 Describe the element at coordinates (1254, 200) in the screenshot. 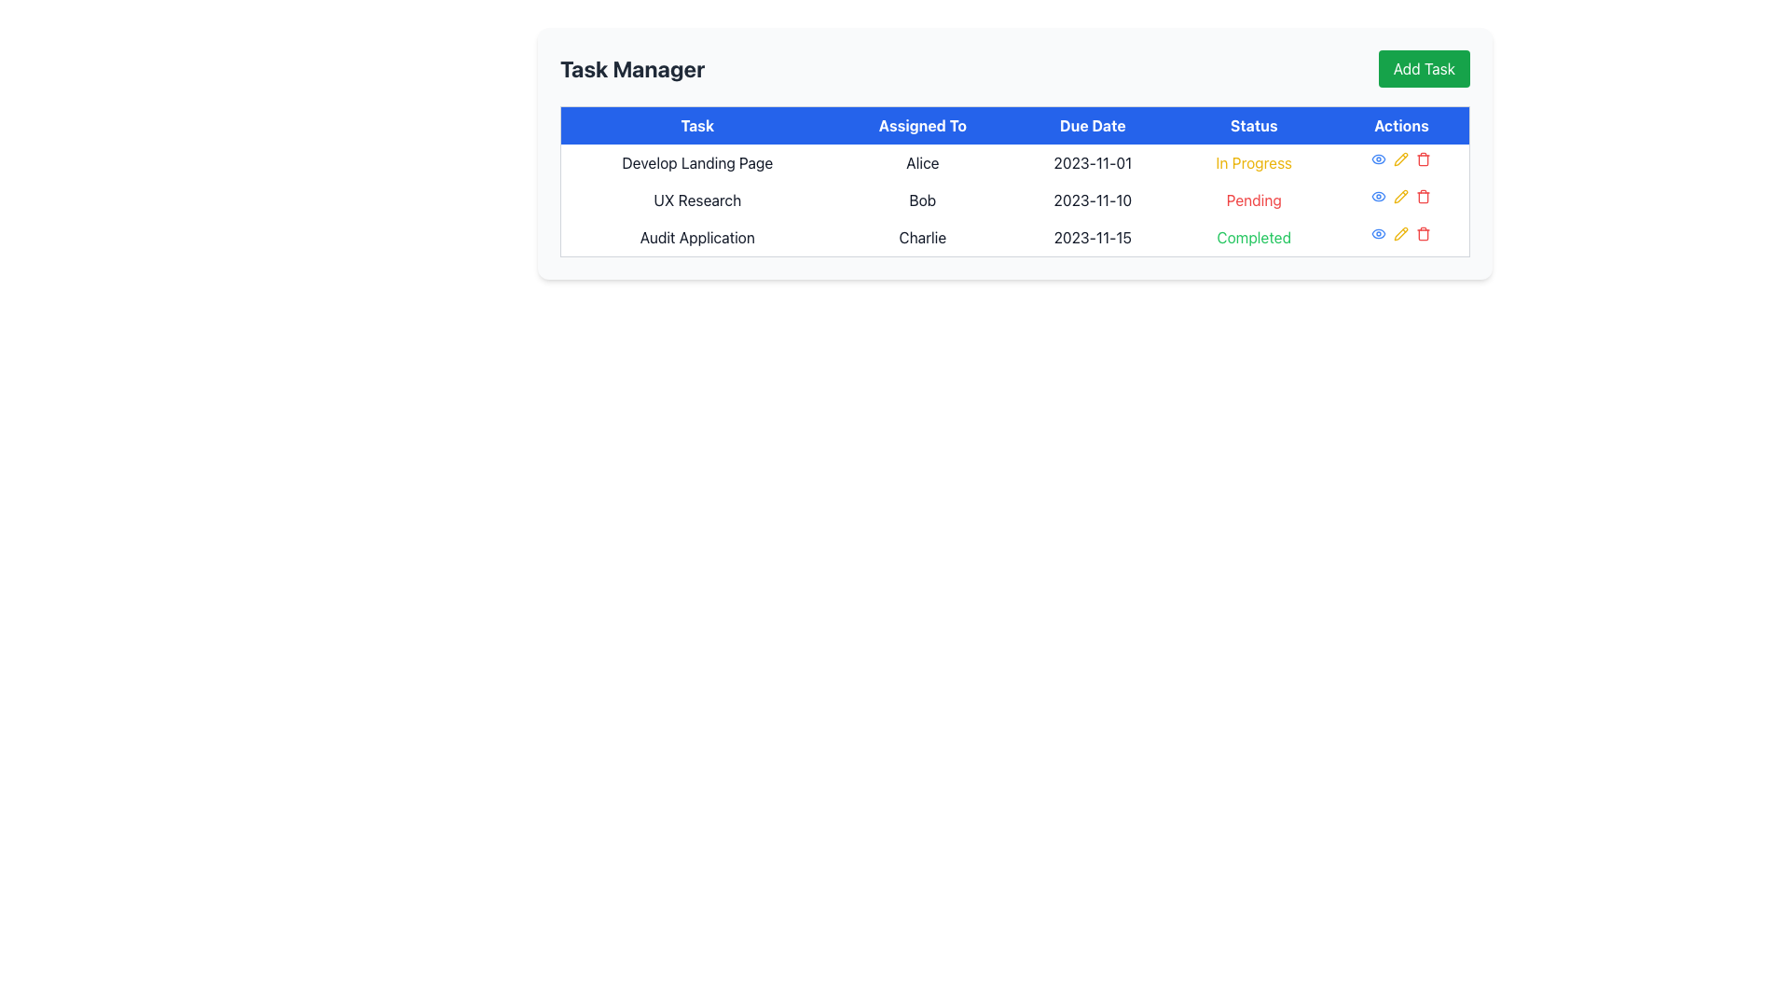

I see `the text label displaying the current status of the task indicating 'Pending', which is located in the fourth column of the second row in a table, adjacent to the 'Due Date' and 'Actions' columns` at that location.